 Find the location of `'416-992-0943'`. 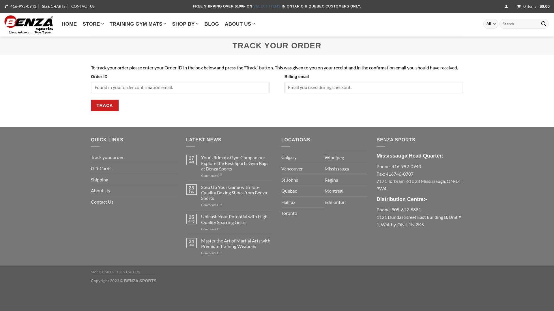

'416-992-0943' is located at coordinates (23, 6).